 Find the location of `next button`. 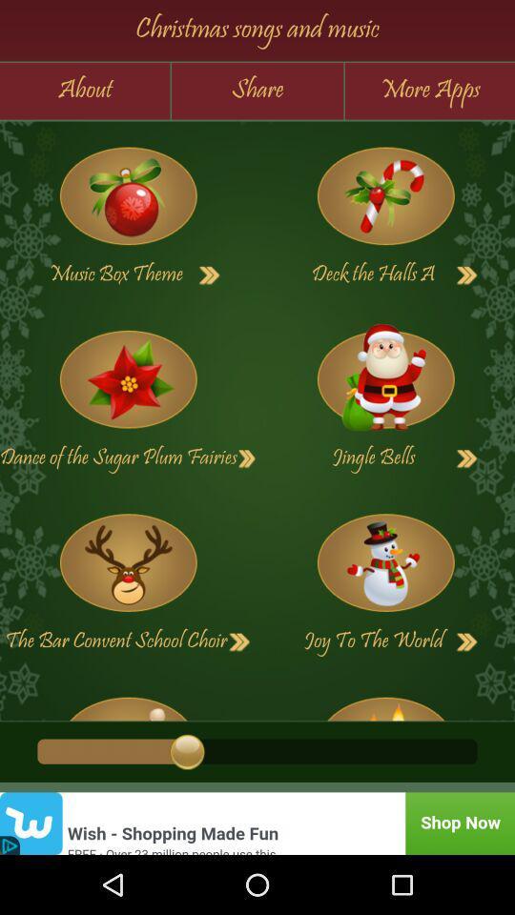

next button is located at coordinates (209, 274).